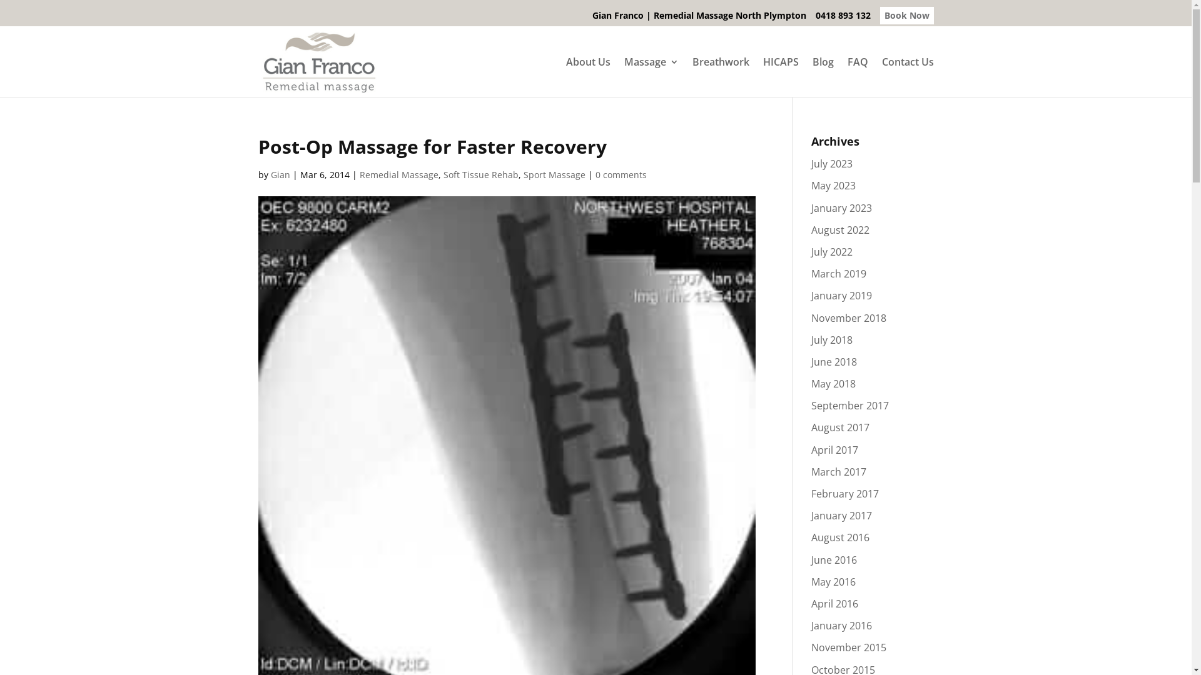  Describe the element at coordinates (831, 251) in the screenshot. I see `'July 2022'` at that location.